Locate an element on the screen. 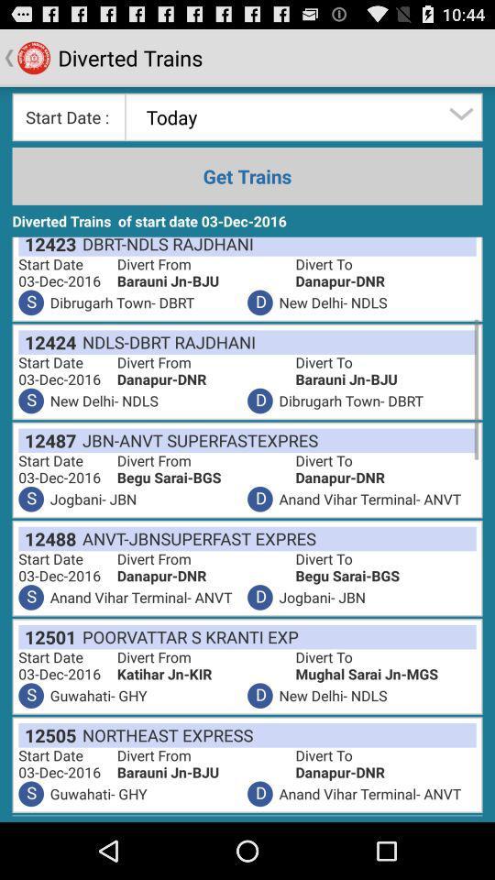 The height and width of the screenshot is (880, 495). item below   s icon is located at coordinates (47, 538).